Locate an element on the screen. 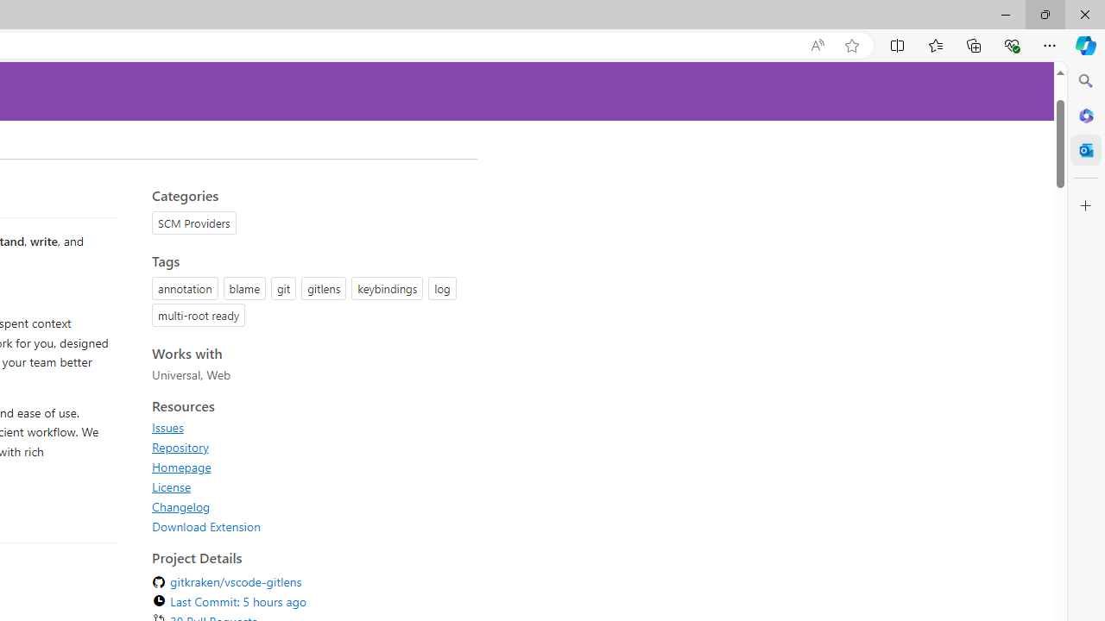 Image resolution: width=1105 pixels, height=621 pixels. 'Download Extension' is located at coordinates (206, 525).